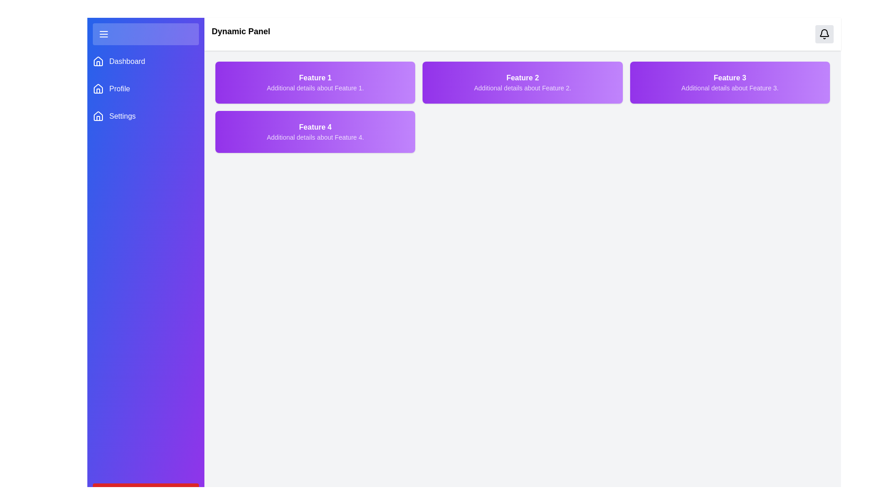  Describe the element at coordinates (98, 61) in the screenshot. I see `the house icon located in the navigation bar on the left-hand side, which is the top option among three vertical elements` at that location.